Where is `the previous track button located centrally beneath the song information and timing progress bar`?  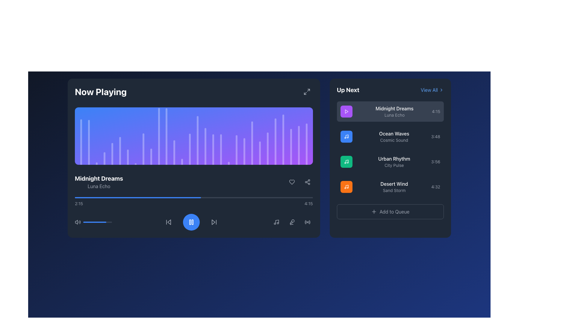 the previous track button located centrally beneath the song information and timing progress bar is located at coordinates (168, 222).